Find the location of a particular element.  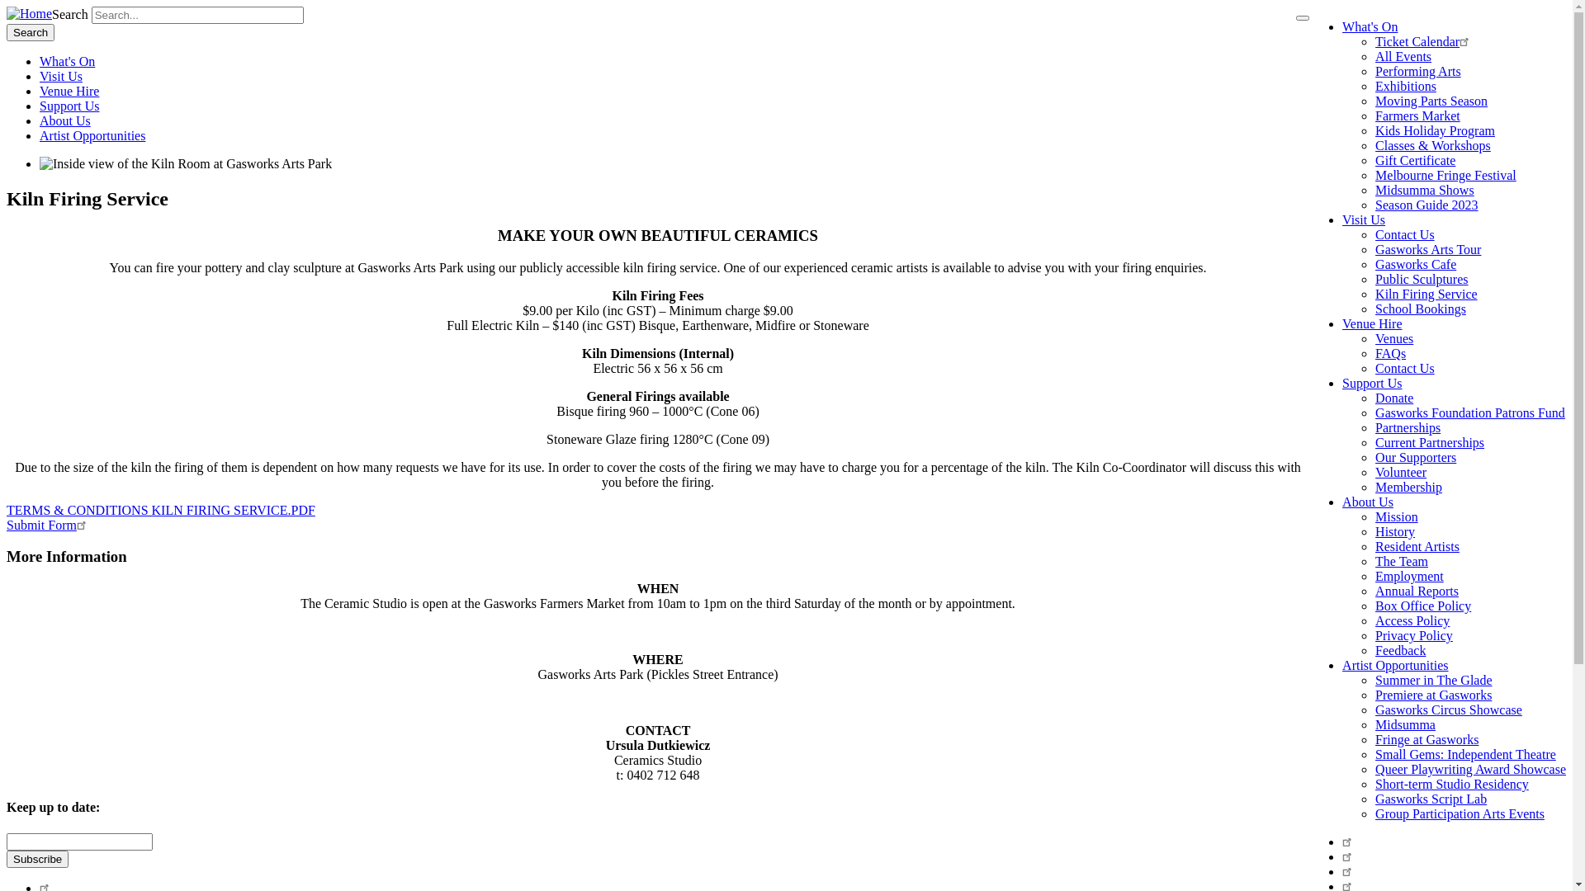

'Privacy Policy' is located at coordinates (1413, 634).